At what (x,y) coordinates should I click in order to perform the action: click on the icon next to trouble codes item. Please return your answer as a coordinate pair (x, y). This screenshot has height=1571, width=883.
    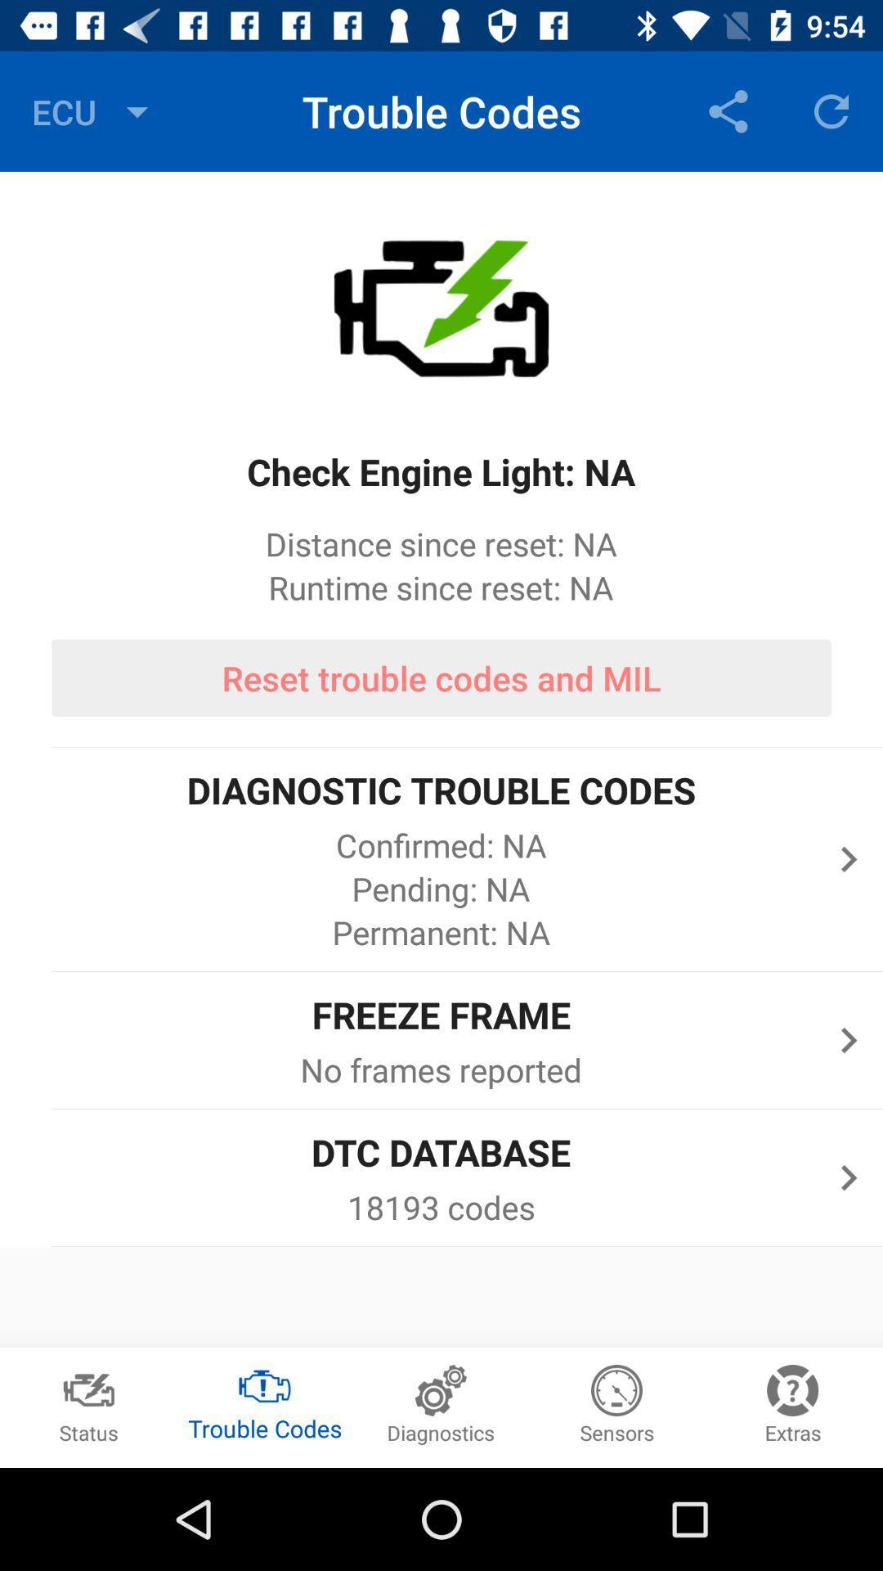
    Looking at the image, I should click on (728, 110).